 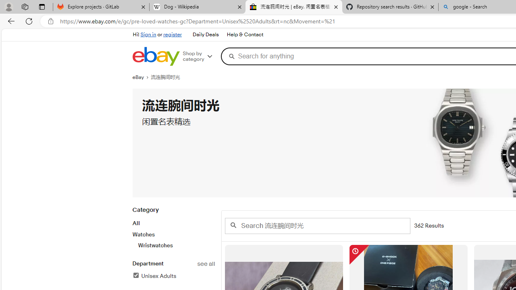 I want to click on 'register', so click(x=172, y=34).